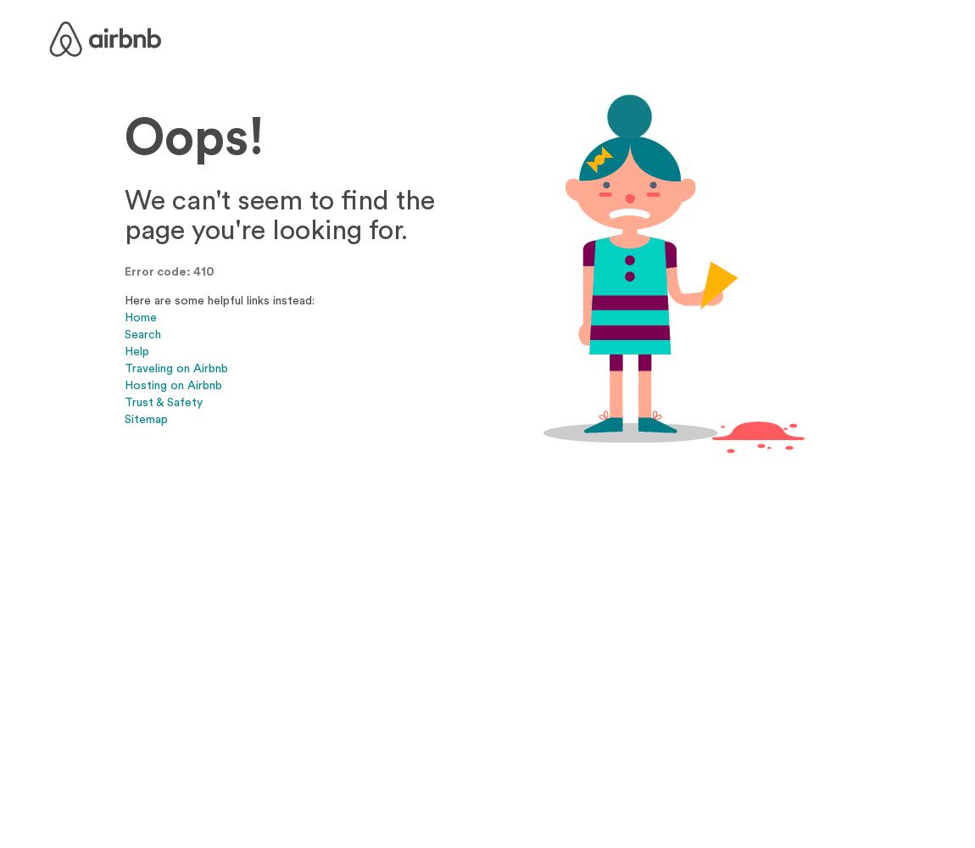  I want to click on 'Traveling on Airbnb', so click(175, 367).